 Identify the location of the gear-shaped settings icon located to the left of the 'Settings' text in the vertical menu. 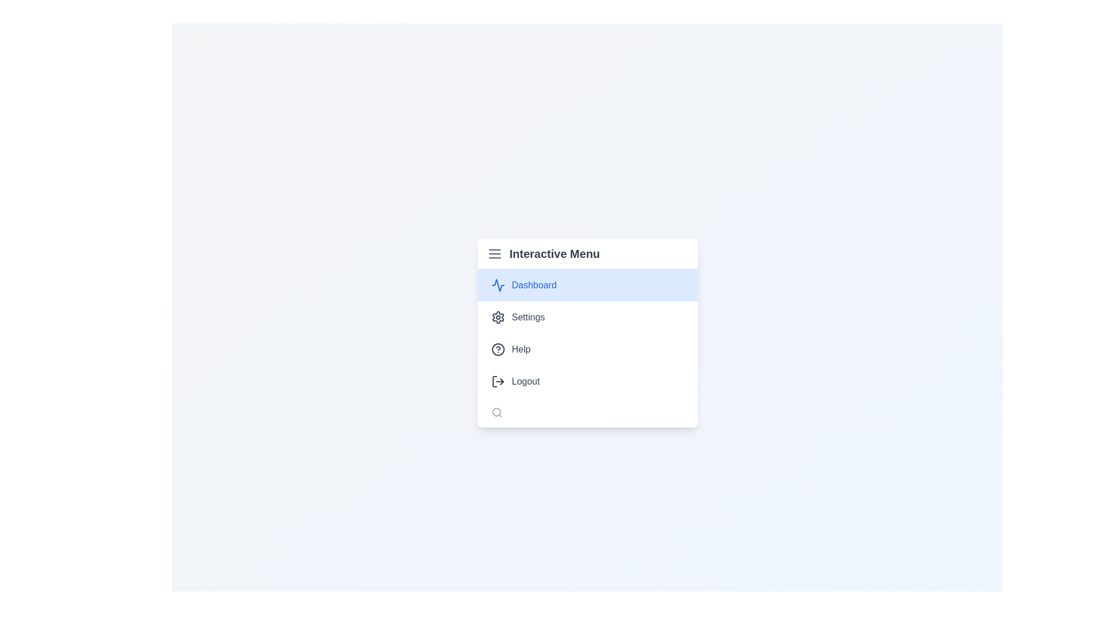
(498, 317).